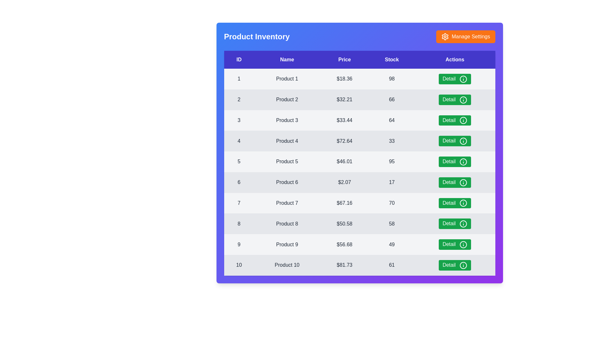 The height and width of the screenshot is (345, 614). Describe the element at coordinates (465, 37) in the screenshot. I see `the 'Manage Settings' button to open the settings menu` at that location.